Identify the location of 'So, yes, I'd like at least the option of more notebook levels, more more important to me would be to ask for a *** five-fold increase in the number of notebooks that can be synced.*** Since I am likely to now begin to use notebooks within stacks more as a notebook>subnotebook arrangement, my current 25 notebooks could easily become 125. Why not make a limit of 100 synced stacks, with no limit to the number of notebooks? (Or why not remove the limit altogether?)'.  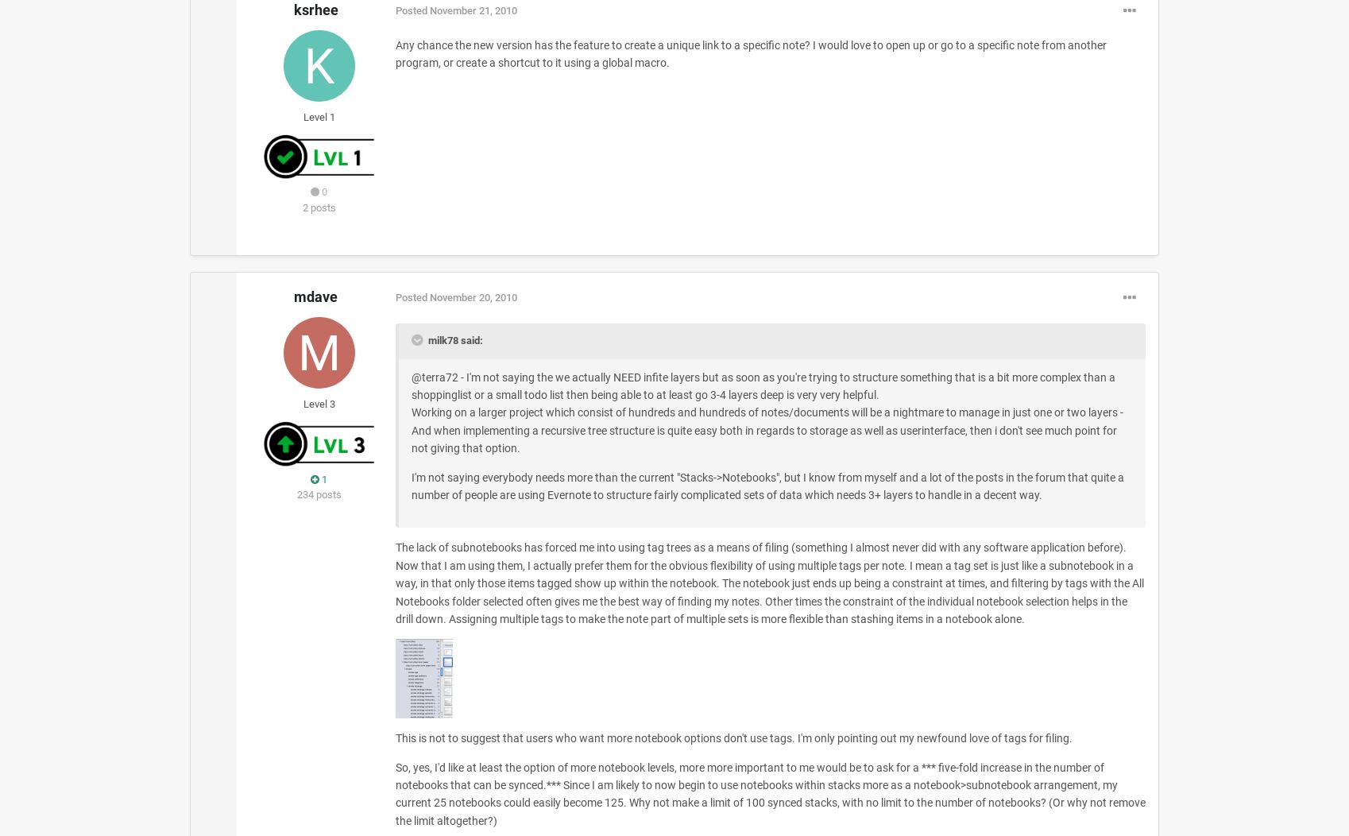
(769, 793).